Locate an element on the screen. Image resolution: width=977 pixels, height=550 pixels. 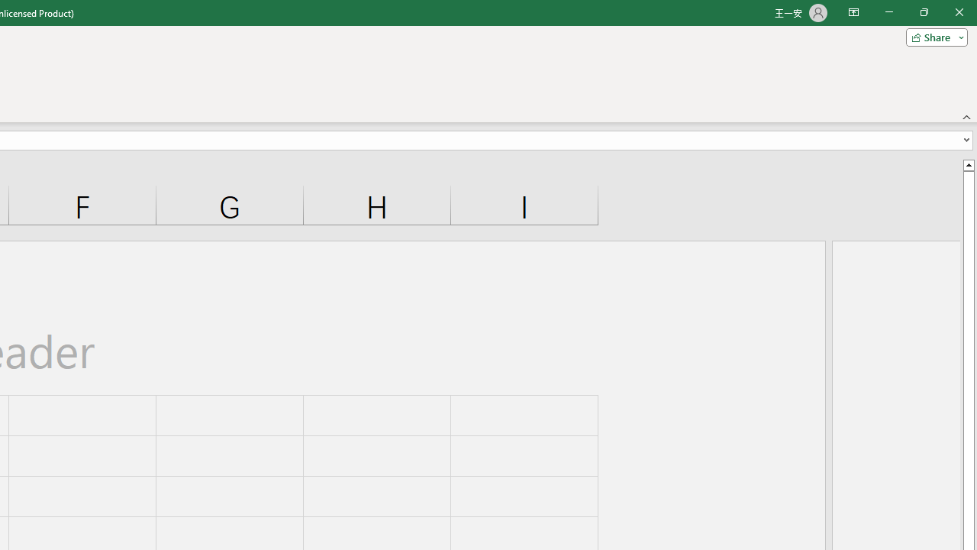
'Close' is located at coordinates (958, 12).